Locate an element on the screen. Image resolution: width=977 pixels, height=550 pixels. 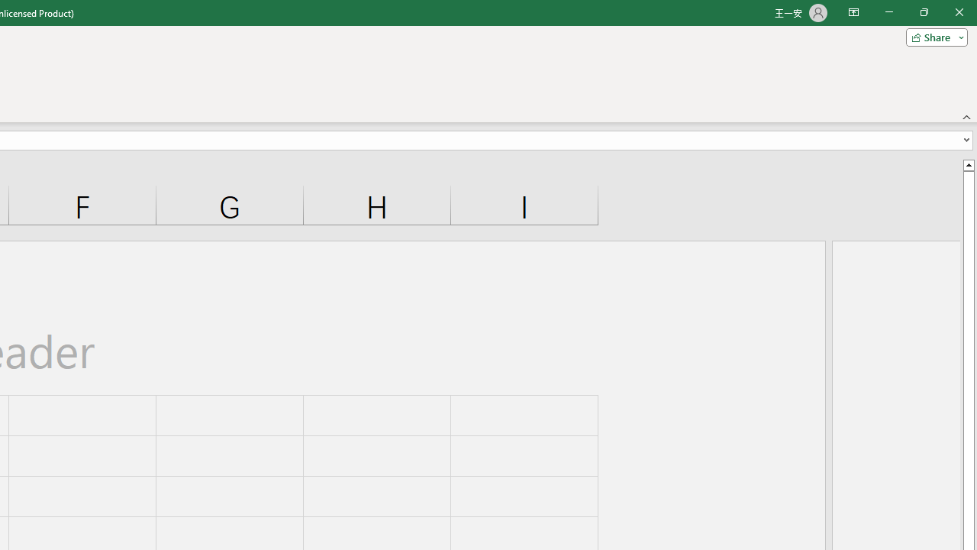
'Close' is located at coordinates (958, 12).